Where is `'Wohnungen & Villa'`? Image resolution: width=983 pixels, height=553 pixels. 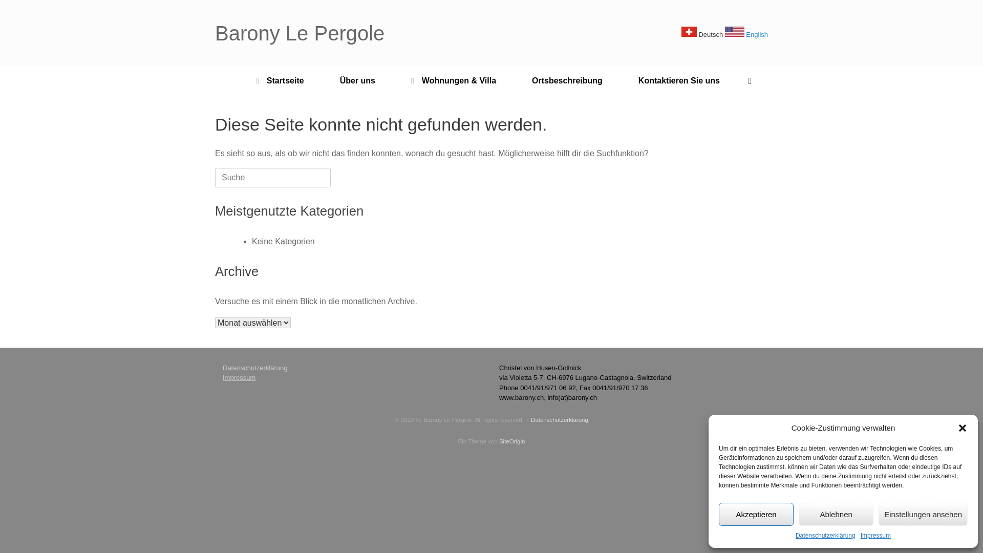
'Wohnungen & Villa' is located at coordinates (453, 80).